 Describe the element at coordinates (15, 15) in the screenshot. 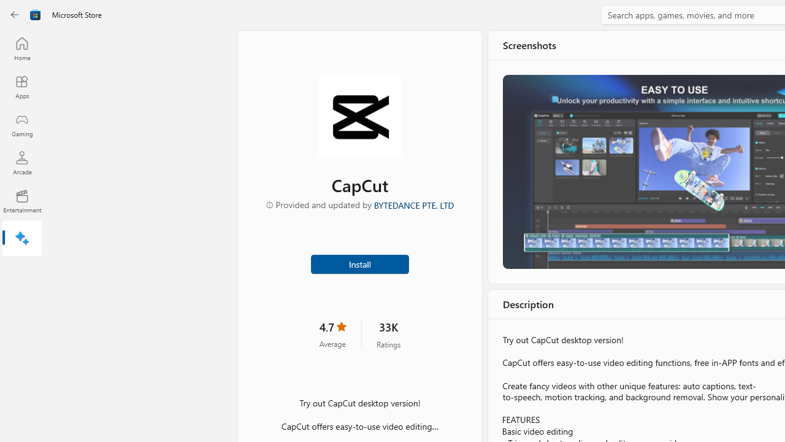

I see `'Back'` at that location.